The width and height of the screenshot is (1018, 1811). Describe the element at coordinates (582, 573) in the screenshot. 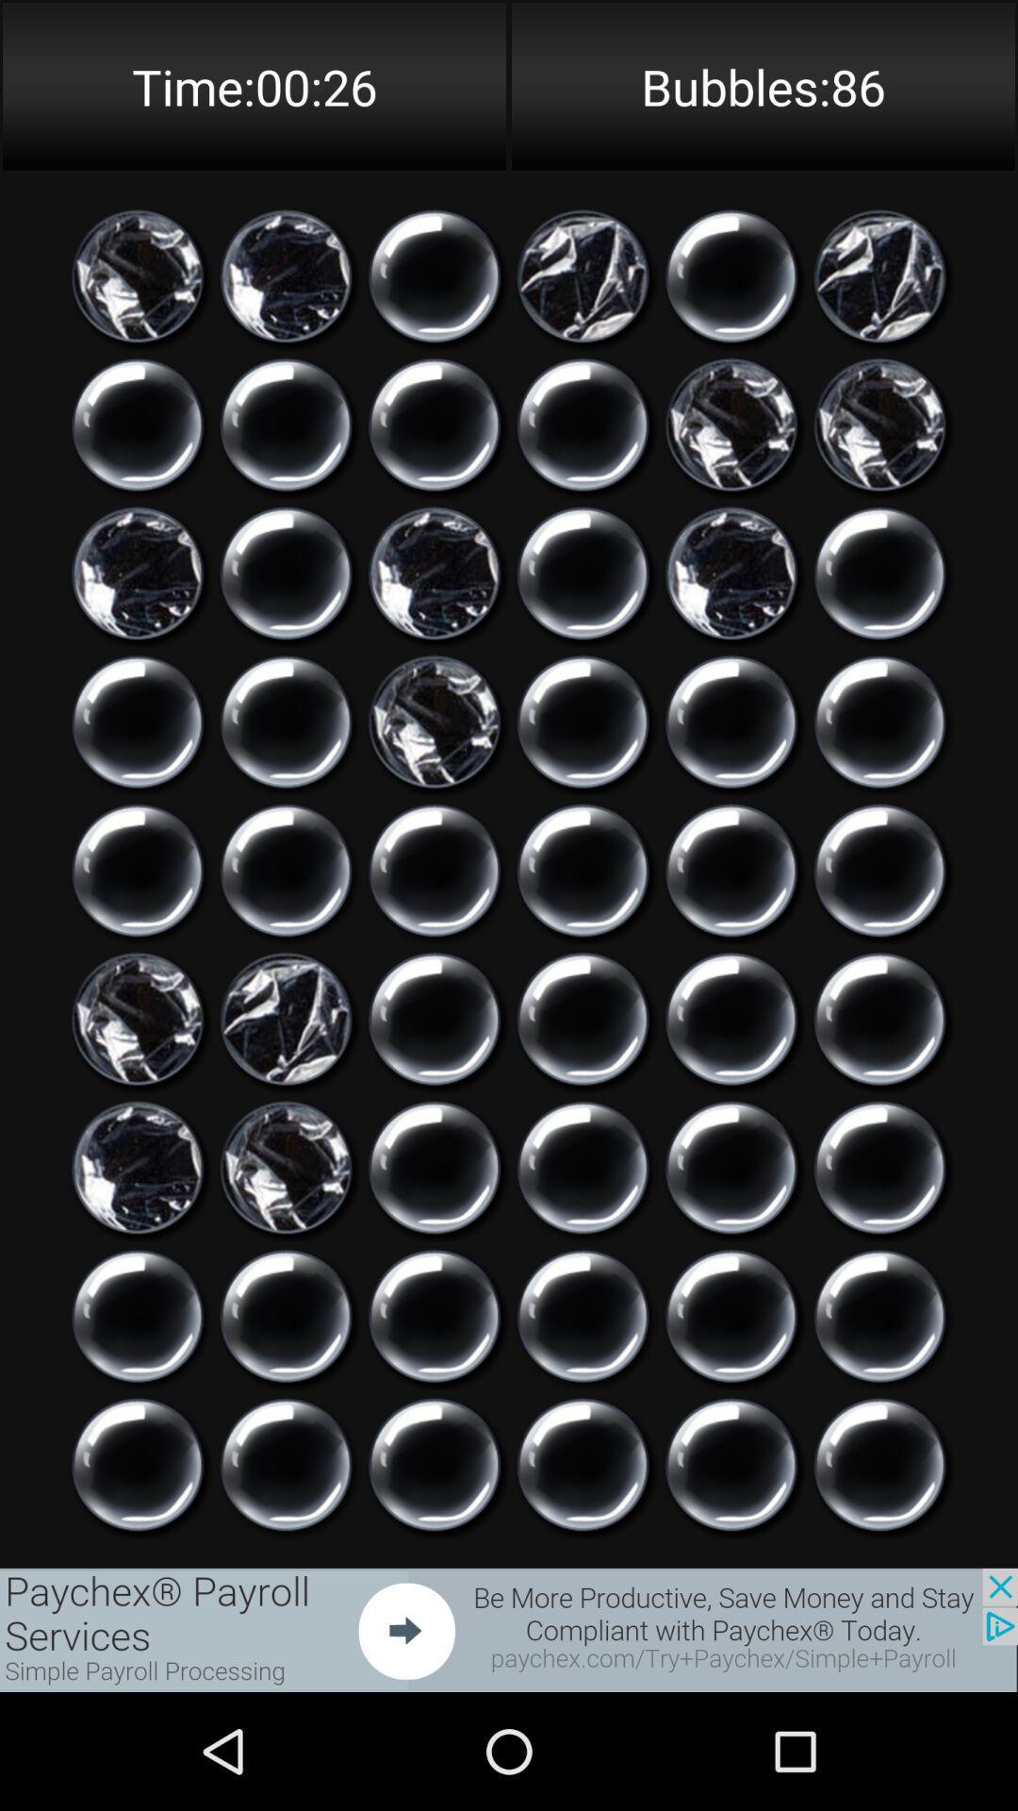

I see `pop the given bubble` at that location.